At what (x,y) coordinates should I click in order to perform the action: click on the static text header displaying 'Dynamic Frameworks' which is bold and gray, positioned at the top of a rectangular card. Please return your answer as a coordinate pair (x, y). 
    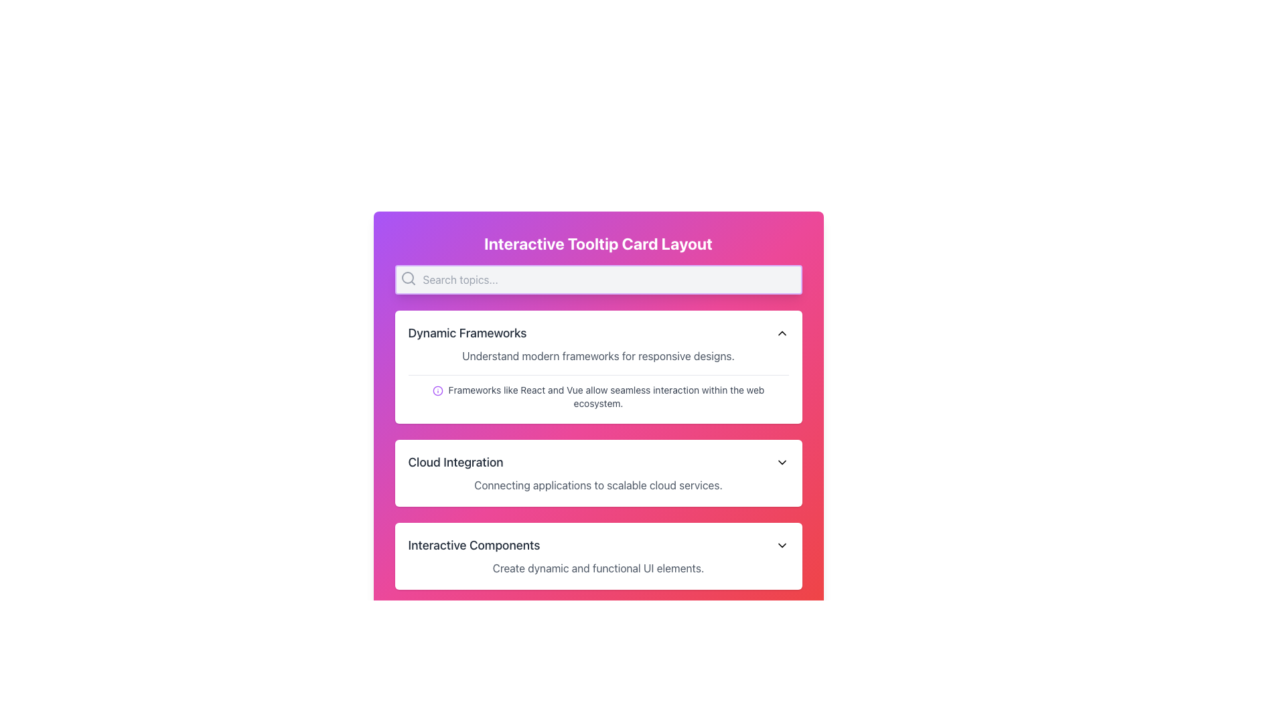
    Looking at the image, I should click on (467, 332).